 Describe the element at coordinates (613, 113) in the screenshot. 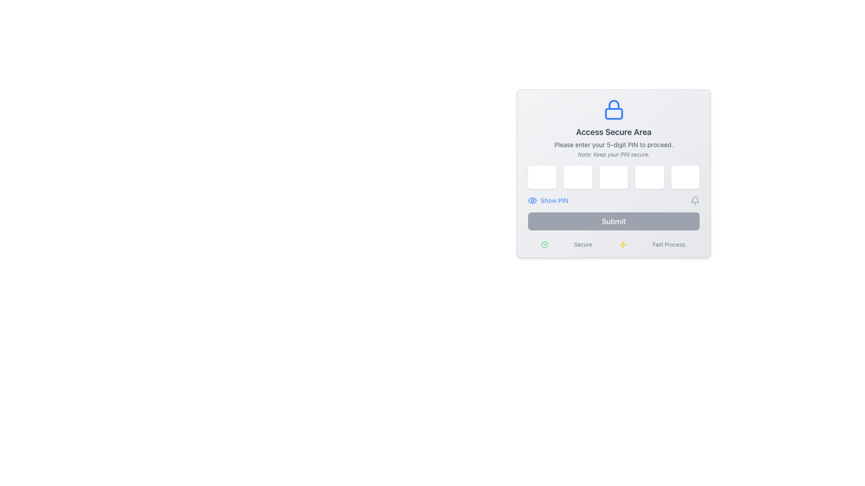

I see `the decorative lock icon graphic component located above the 'Access Secure Area' heading, positioned centrally within the lock's body` at that location.